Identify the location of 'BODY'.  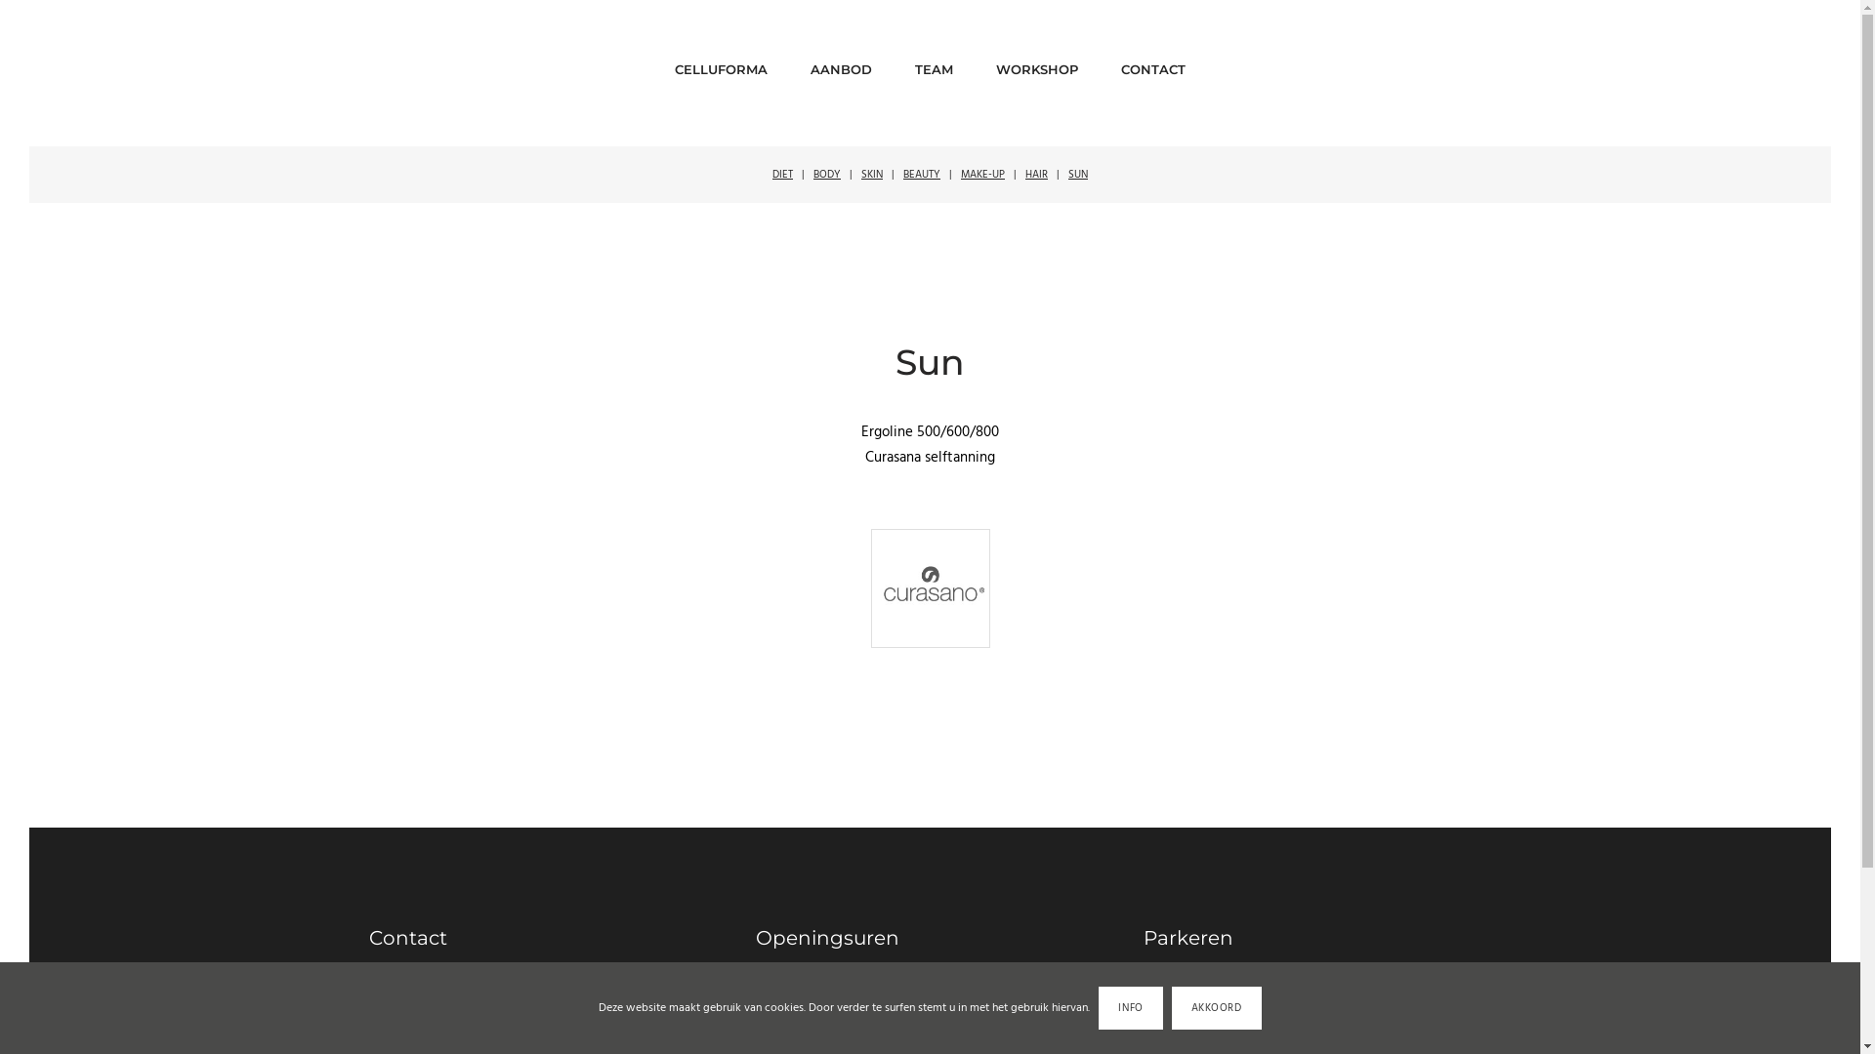
(813, 173).